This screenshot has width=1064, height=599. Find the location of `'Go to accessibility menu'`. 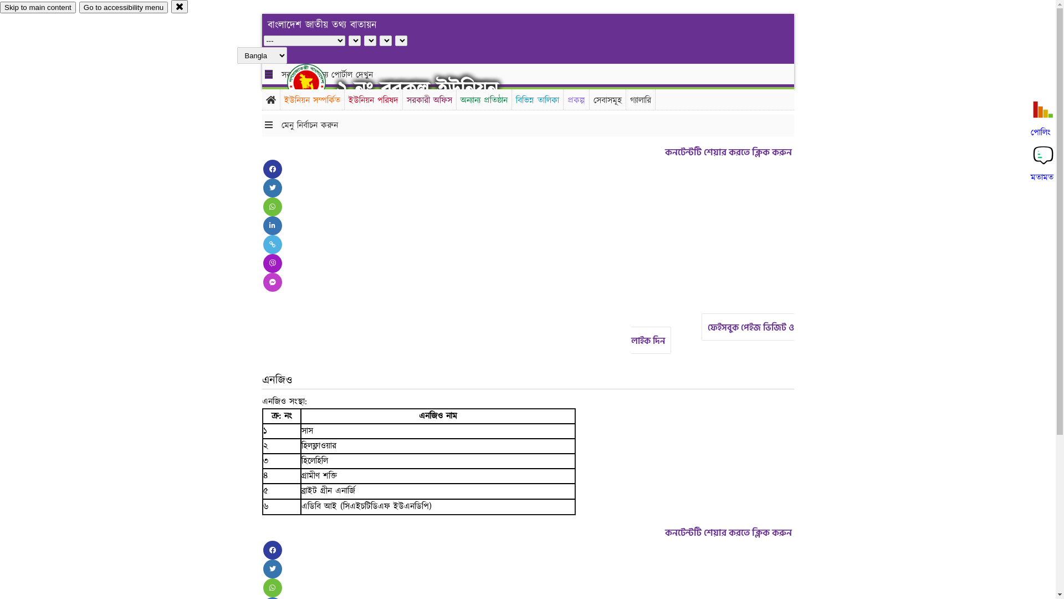

'Go to accessibility menu' is located at coordinates (123, 7).